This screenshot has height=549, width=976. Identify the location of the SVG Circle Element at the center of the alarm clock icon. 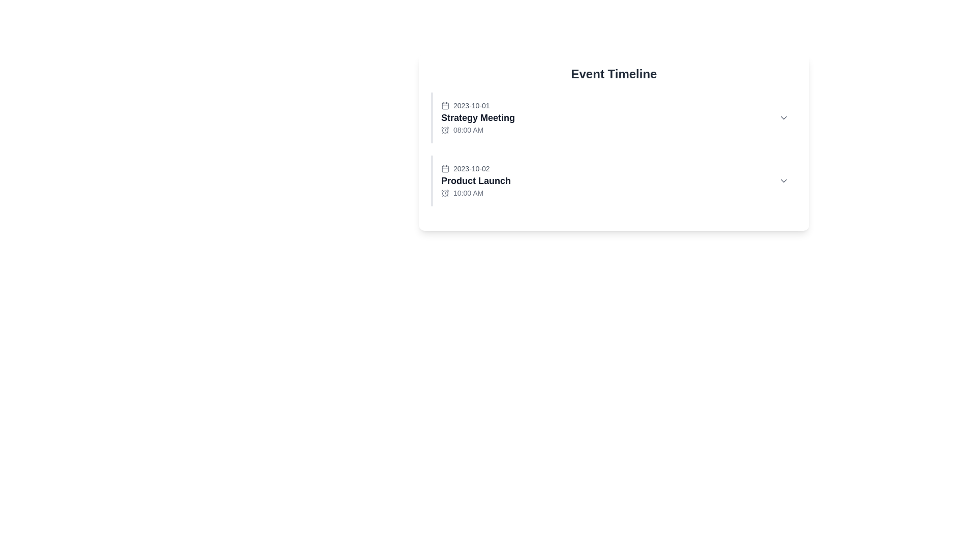
(445, 193).